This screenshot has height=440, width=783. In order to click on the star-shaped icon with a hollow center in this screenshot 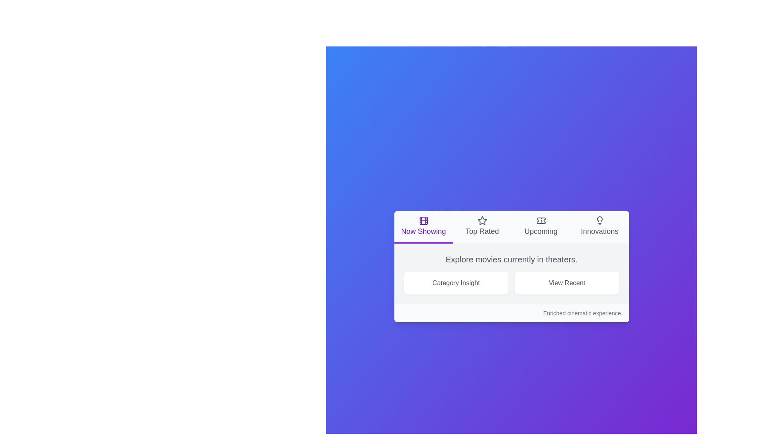, I will do `click(482, 220)`.